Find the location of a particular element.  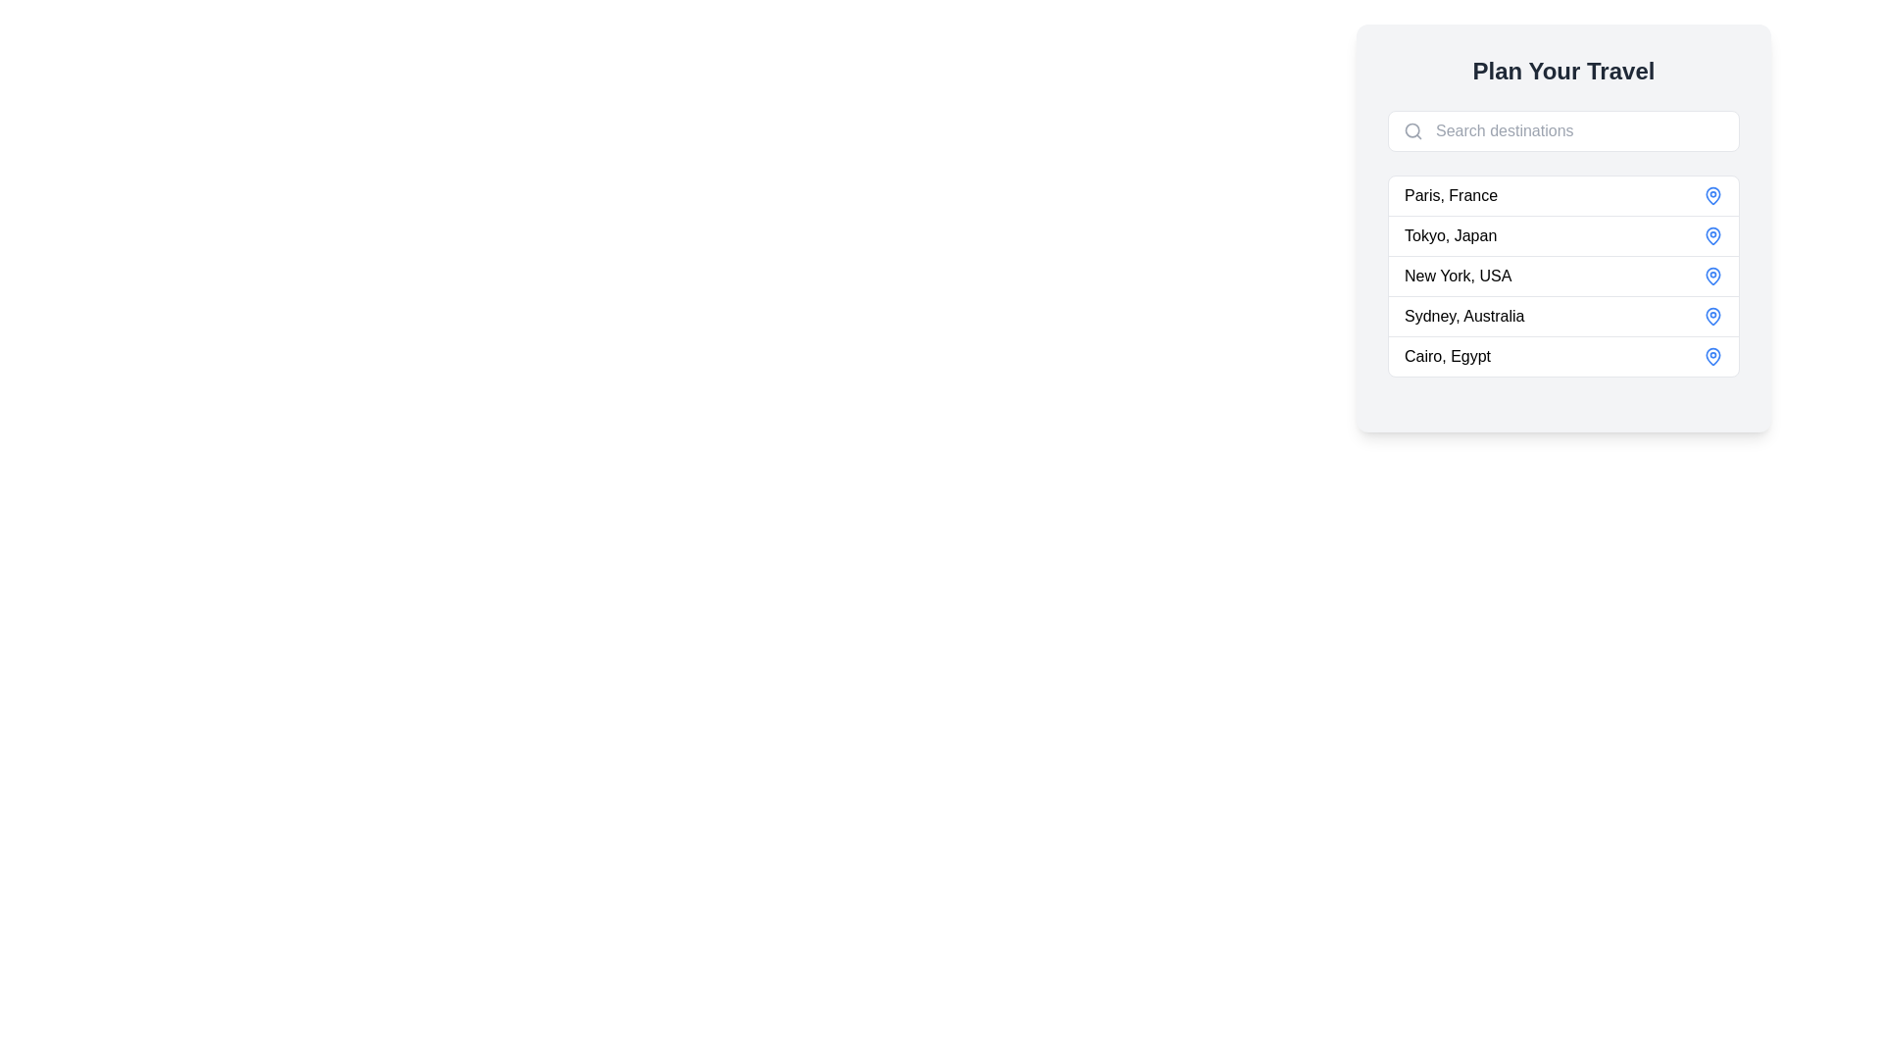

the search input field below the title 'Plan Your Travel' is located at coordinates (1562, 131).